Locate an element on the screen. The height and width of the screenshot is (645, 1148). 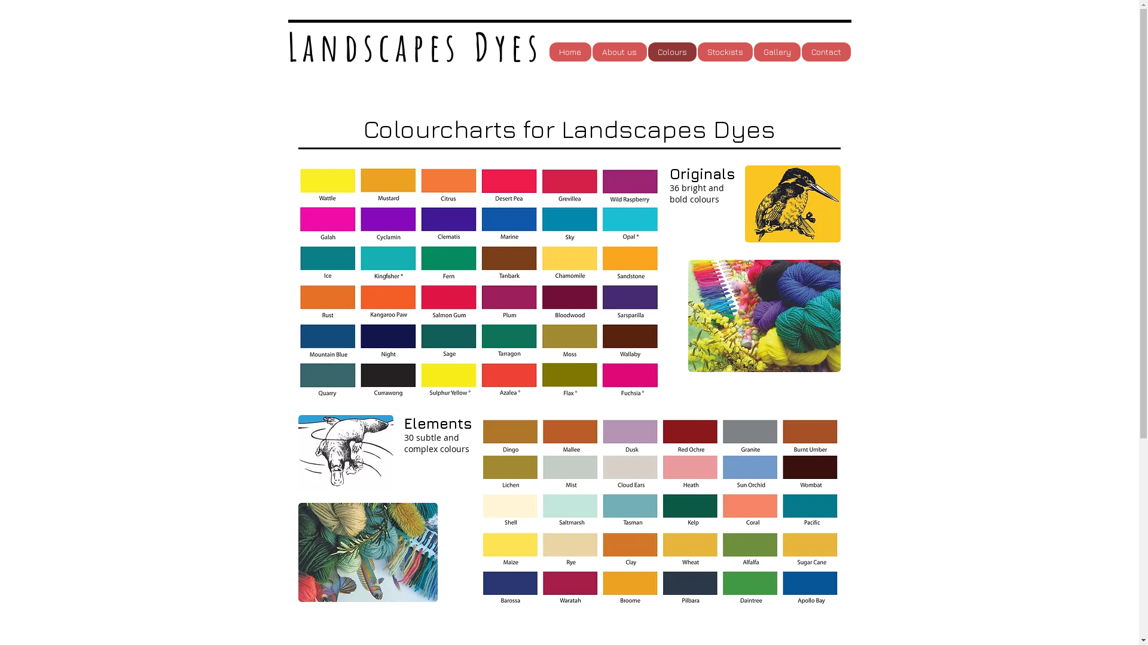
'Stockists' is located at coordinates (723, 51).